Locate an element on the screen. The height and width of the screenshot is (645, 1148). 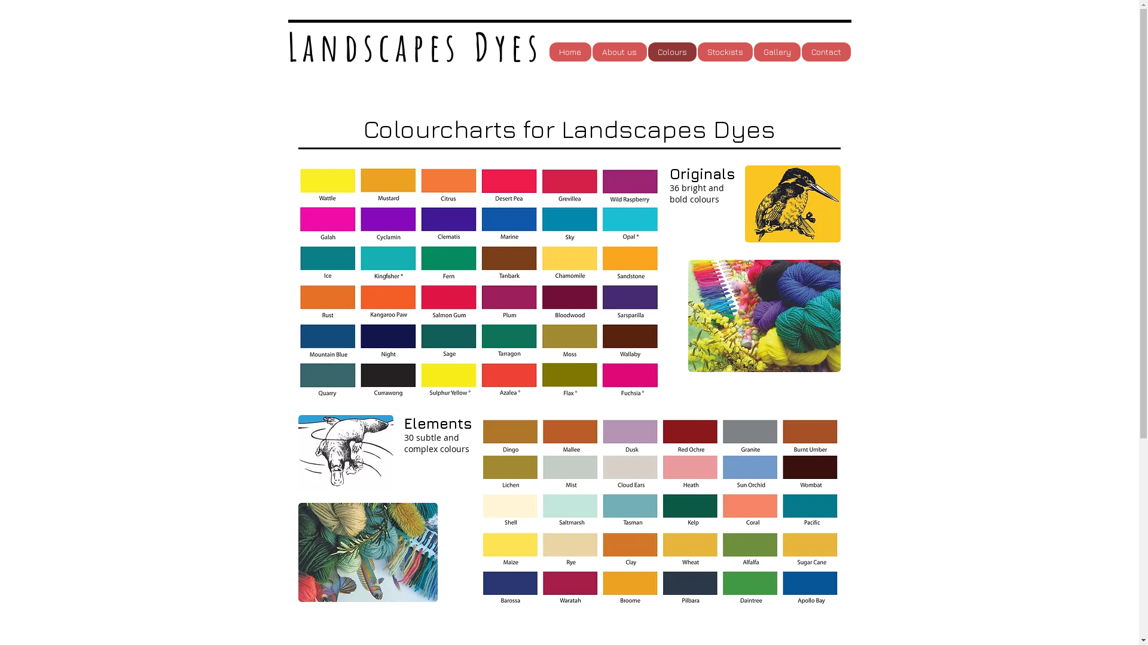
'Stockists' is located at coordinates (723, 51).